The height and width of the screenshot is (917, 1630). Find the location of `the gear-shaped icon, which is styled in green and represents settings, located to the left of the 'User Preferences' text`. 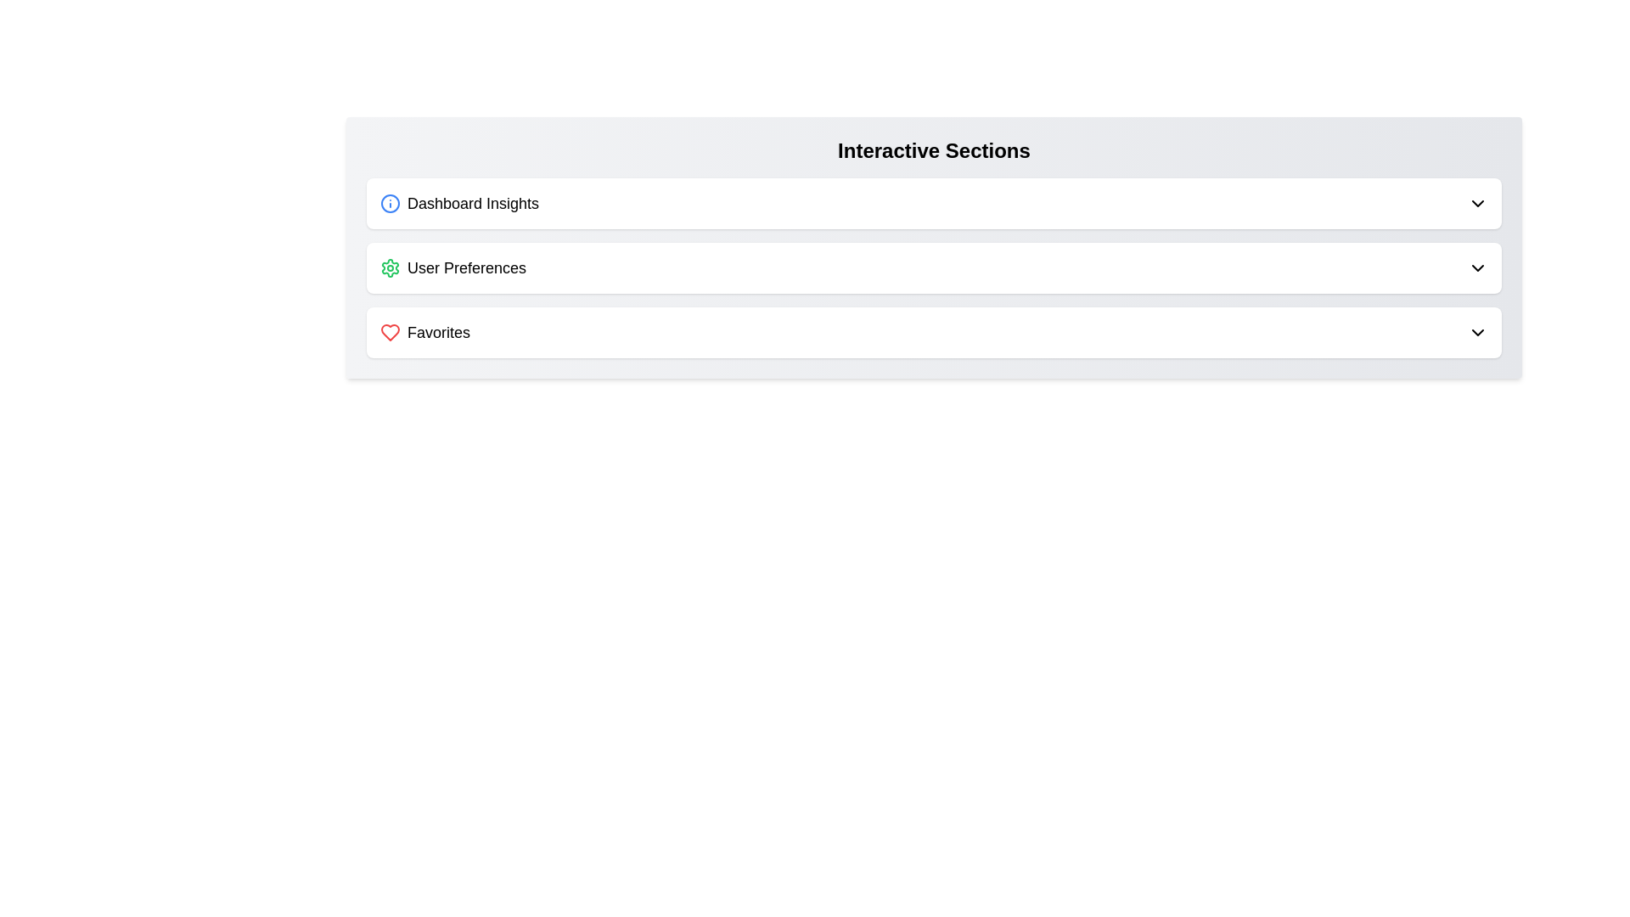

the gear-shaped icon, which is styled in green and represents settings, located to the left of the 'User Preferences' text is located at coordinates (390, 267).